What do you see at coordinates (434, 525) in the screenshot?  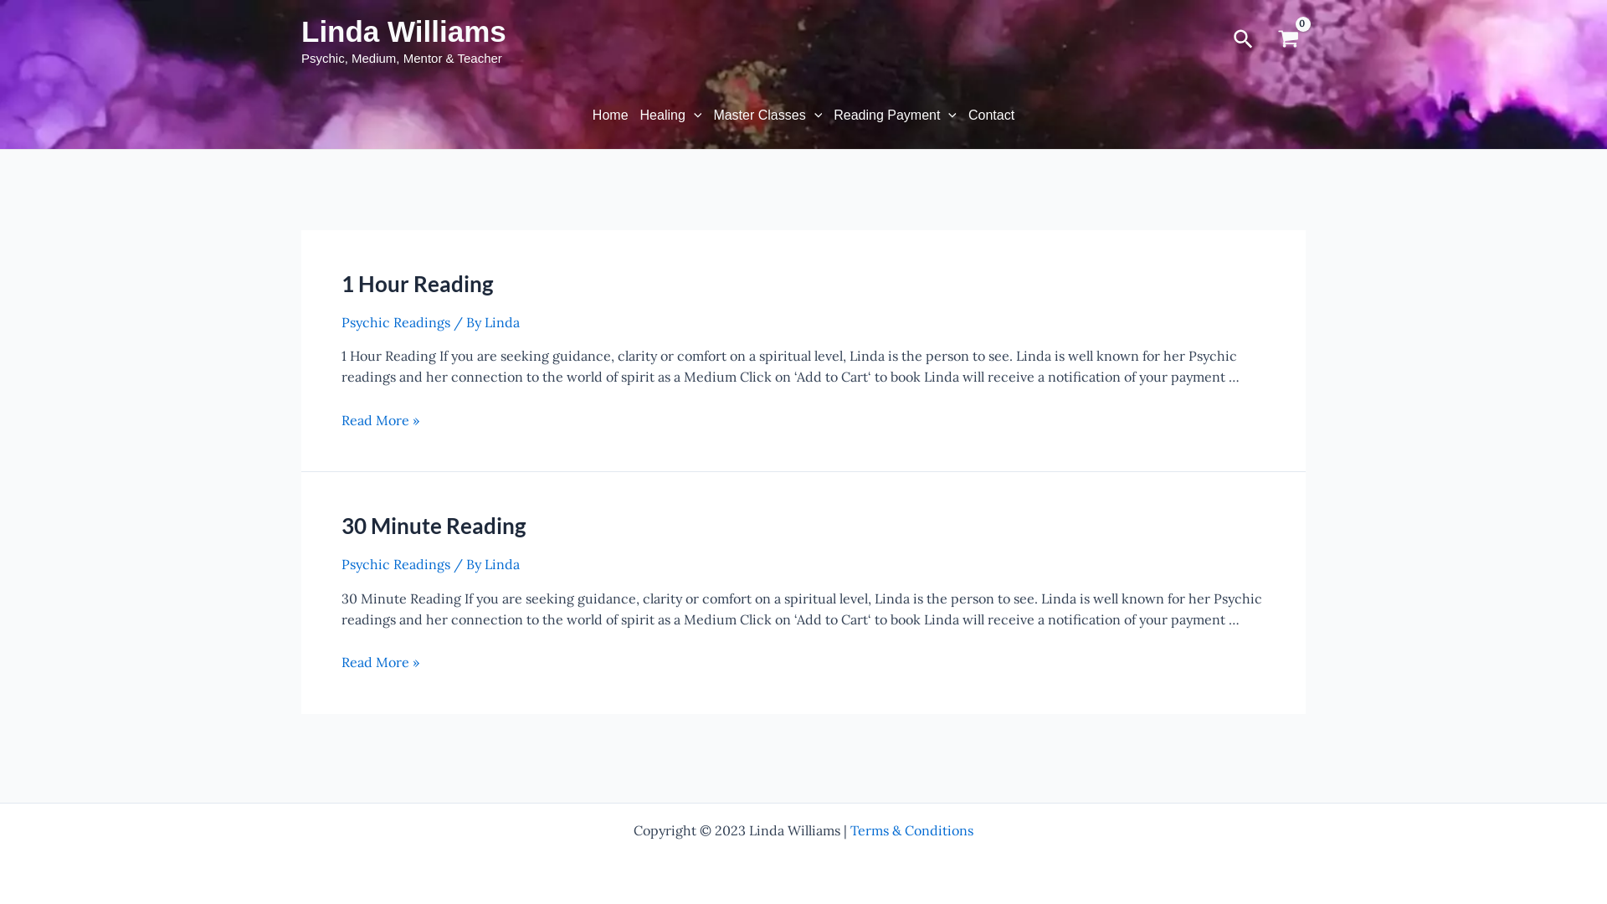 I see `'30 Minute Reading'` at bounding box center [434, 525].